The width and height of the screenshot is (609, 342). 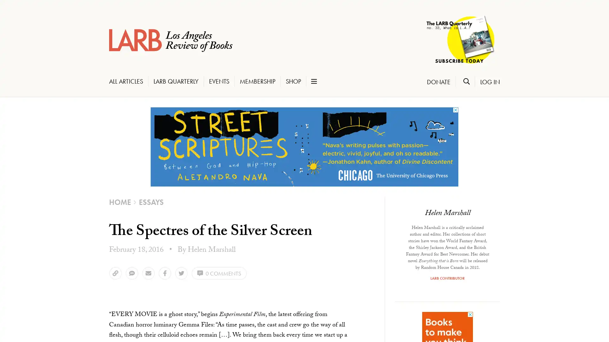 What do you see at coordinates (30, 314) in the screenshot?
I see `Click Esc To Dismiss` at bounding box center [30, 314].